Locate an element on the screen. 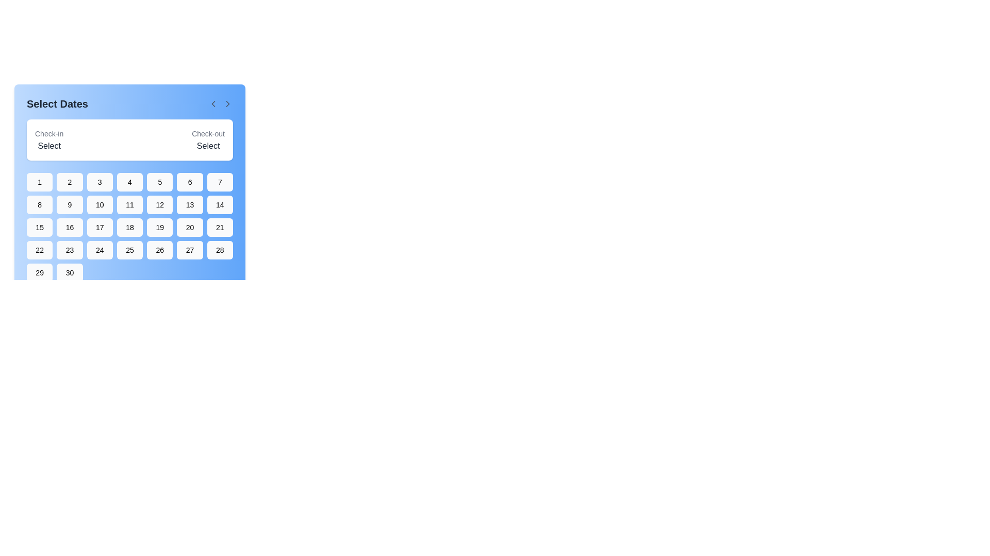 The height and width of the screenshot is (556, 990). the 'Check-in' label, which is a small gray text element located in the upper-left of the 'Select Dates' interface, above the 'Select' text is located at coordinates (48, 133).